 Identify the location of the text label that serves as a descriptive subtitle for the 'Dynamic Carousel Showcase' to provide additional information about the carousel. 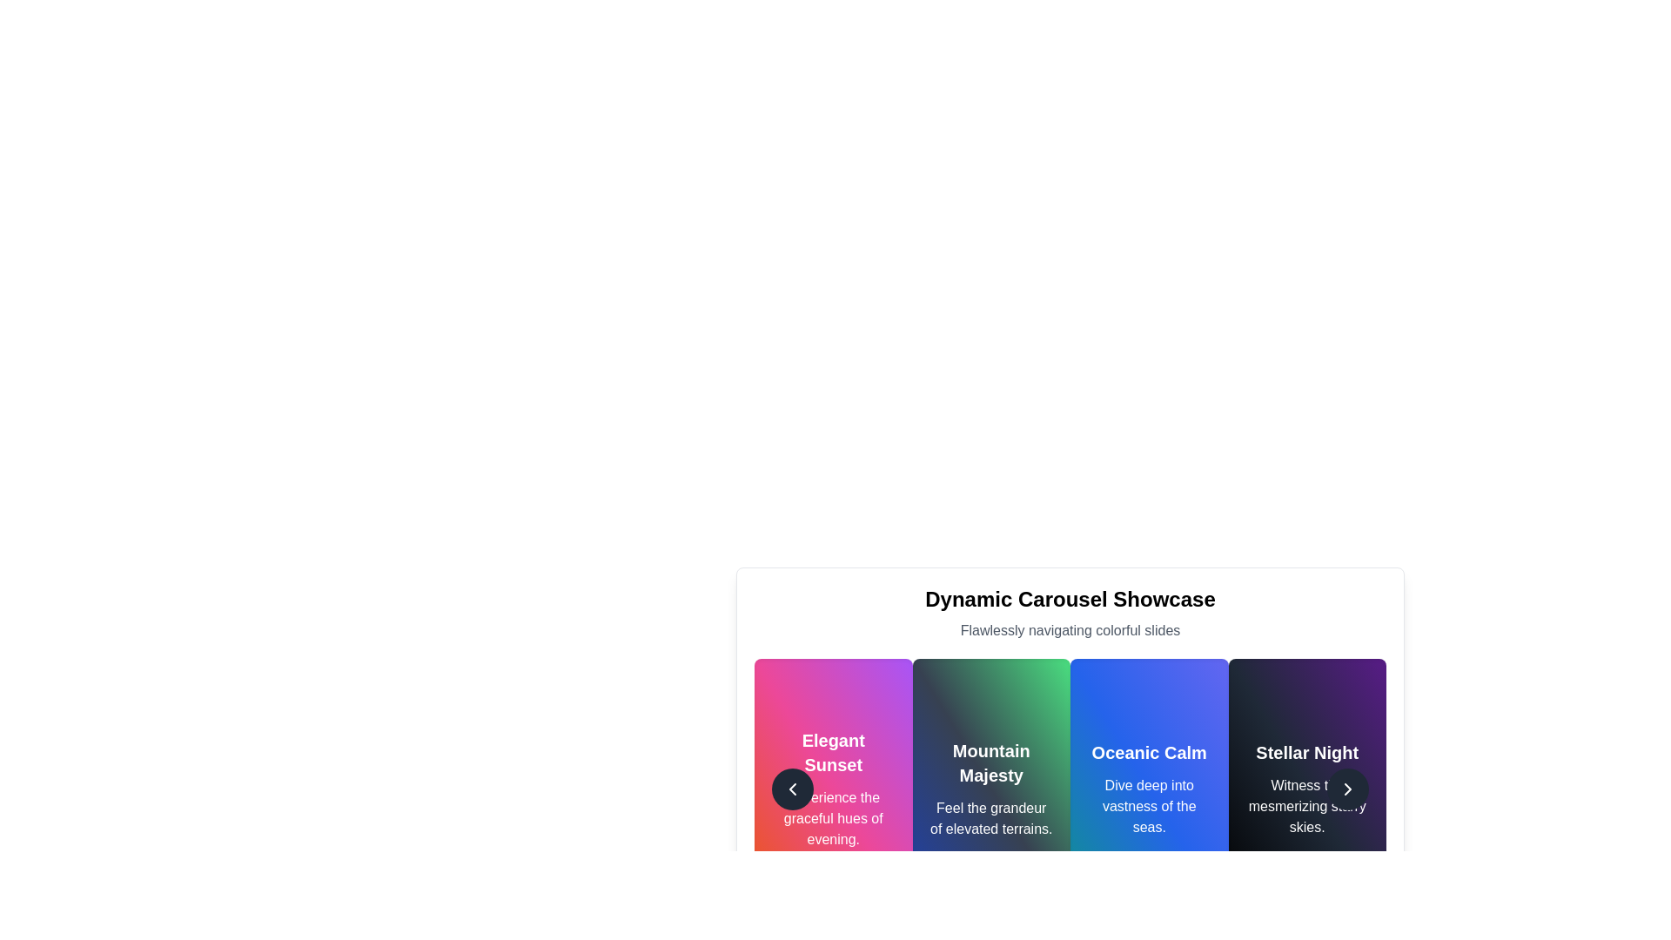
(1069, 631).